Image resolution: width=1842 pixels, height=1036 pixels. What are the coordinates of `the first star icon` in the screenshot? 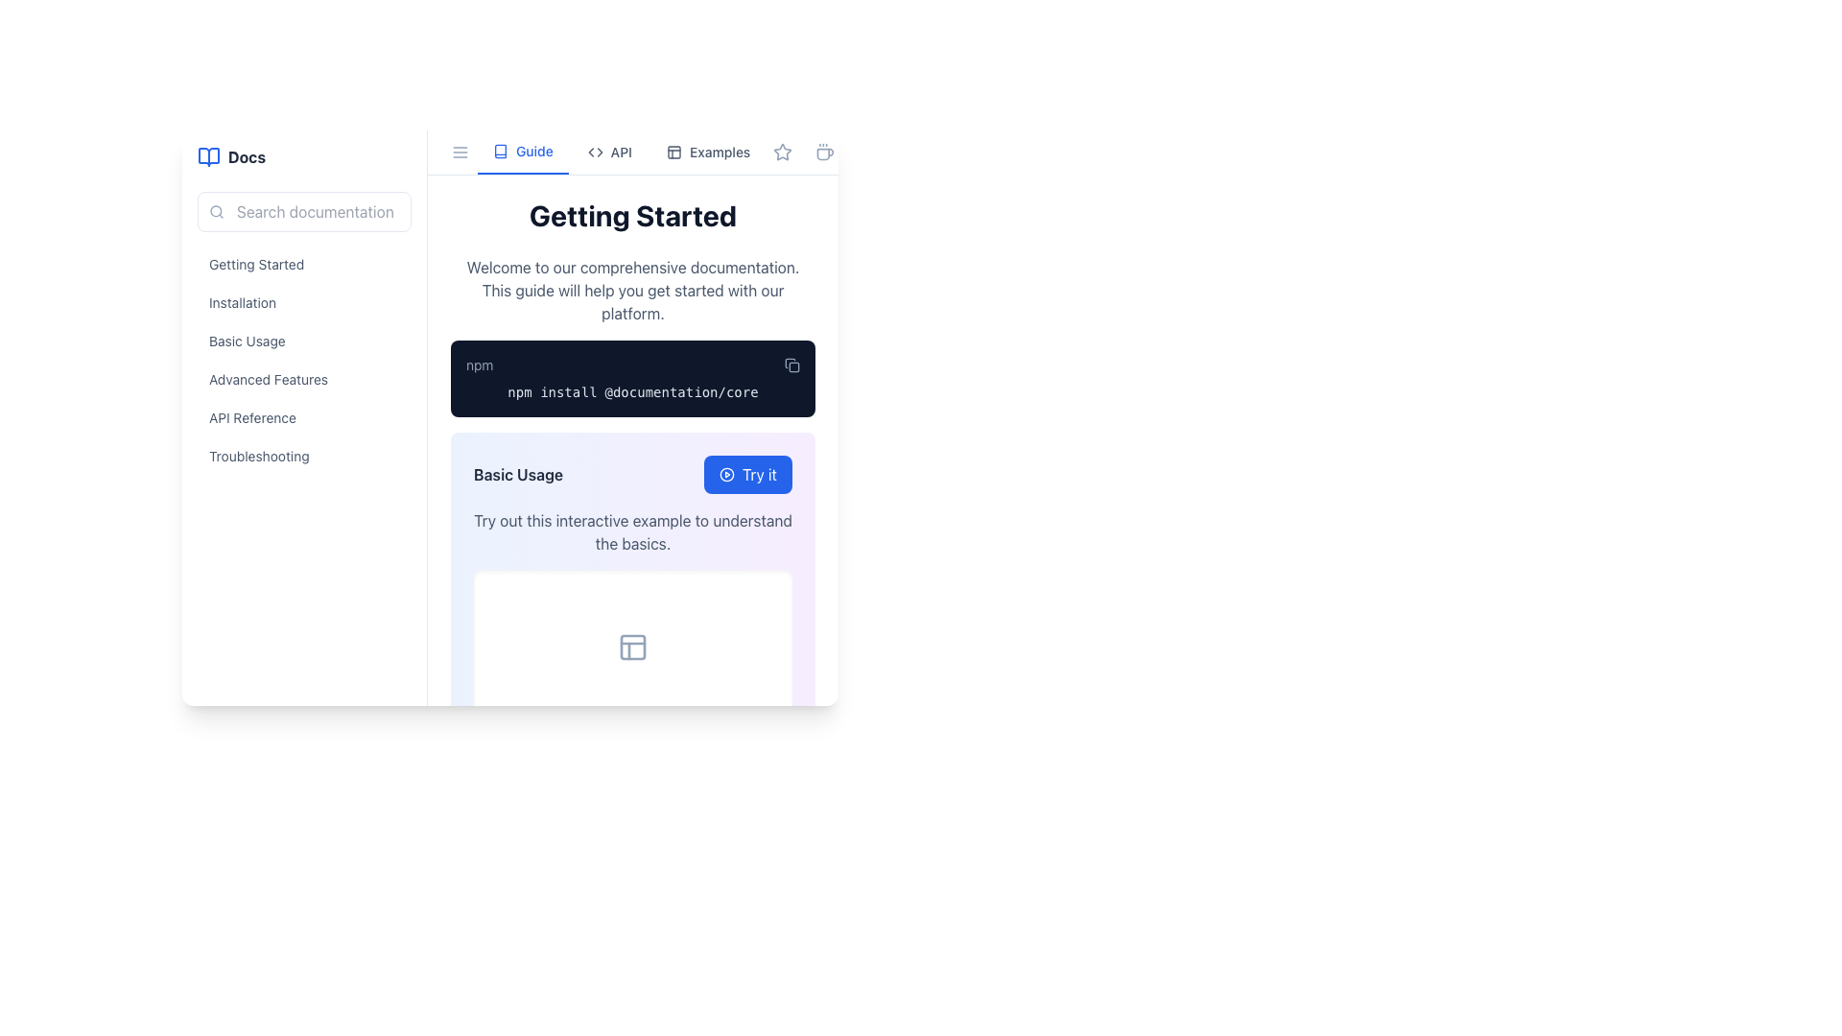 It's located at (783, 151).